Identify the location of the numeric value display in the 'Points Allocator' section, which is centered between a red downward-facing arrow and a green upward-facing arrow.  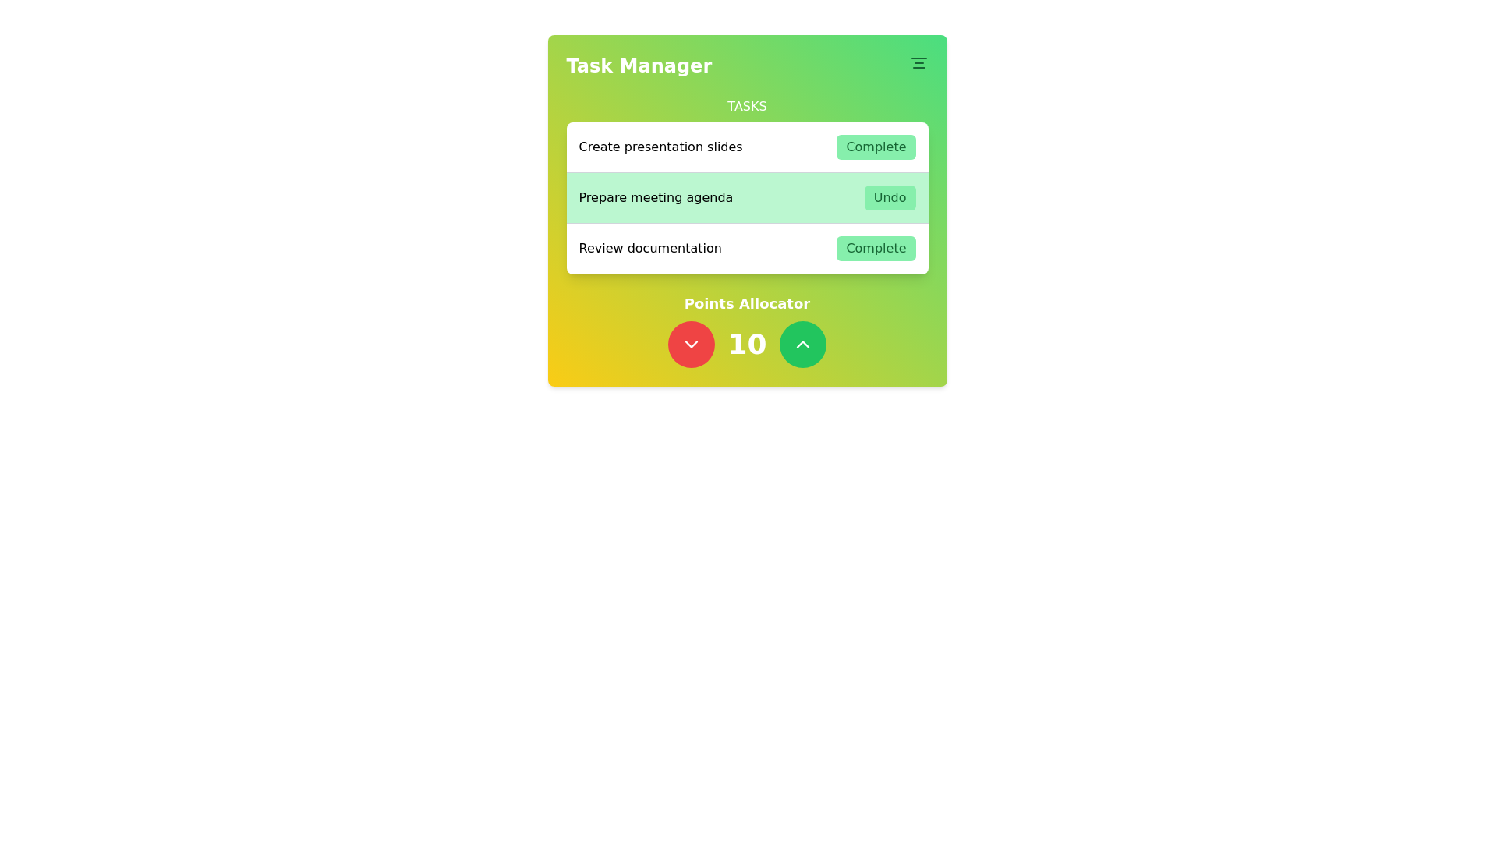
(746, 344).